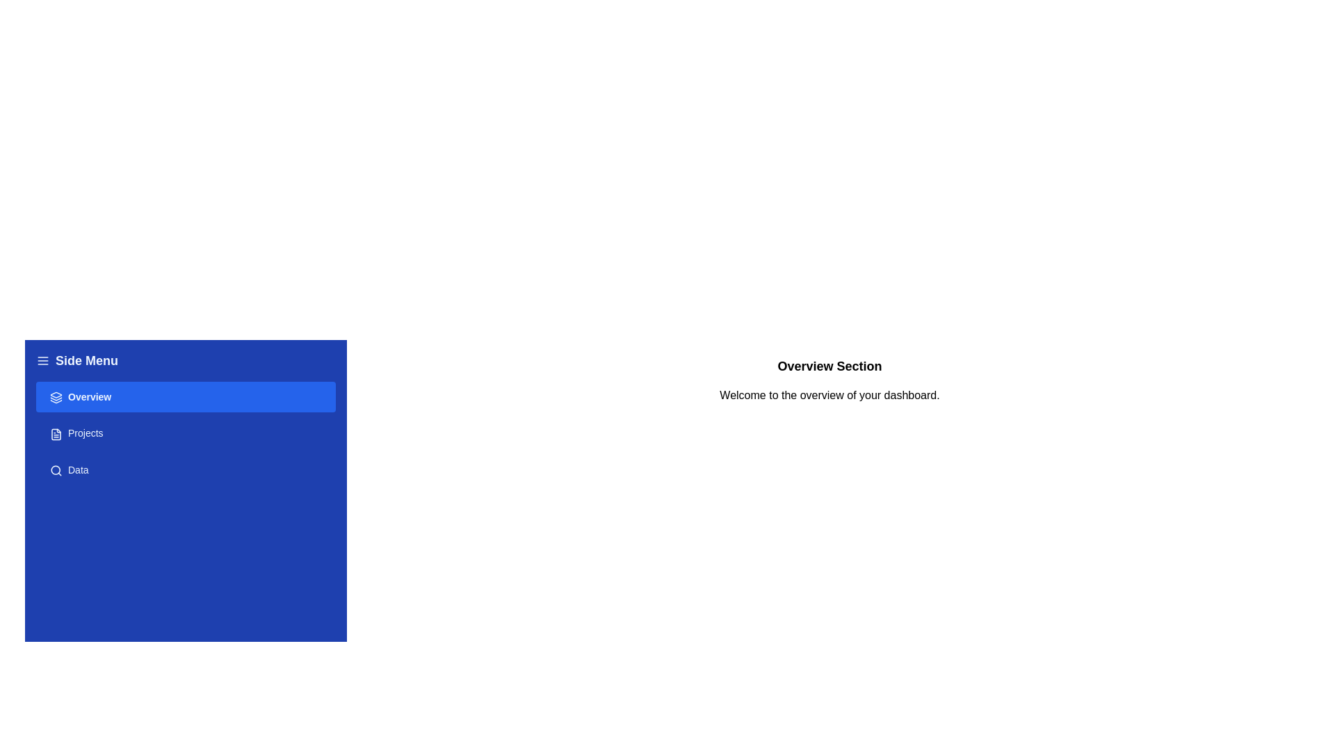 Image resolution: width=1335 pixels, height=751 pixels. I want to click on the first icon to the left of the 'Overview' text in the blue-highlighted menu item under the 'Side Menu' heading, so click(56, 397).